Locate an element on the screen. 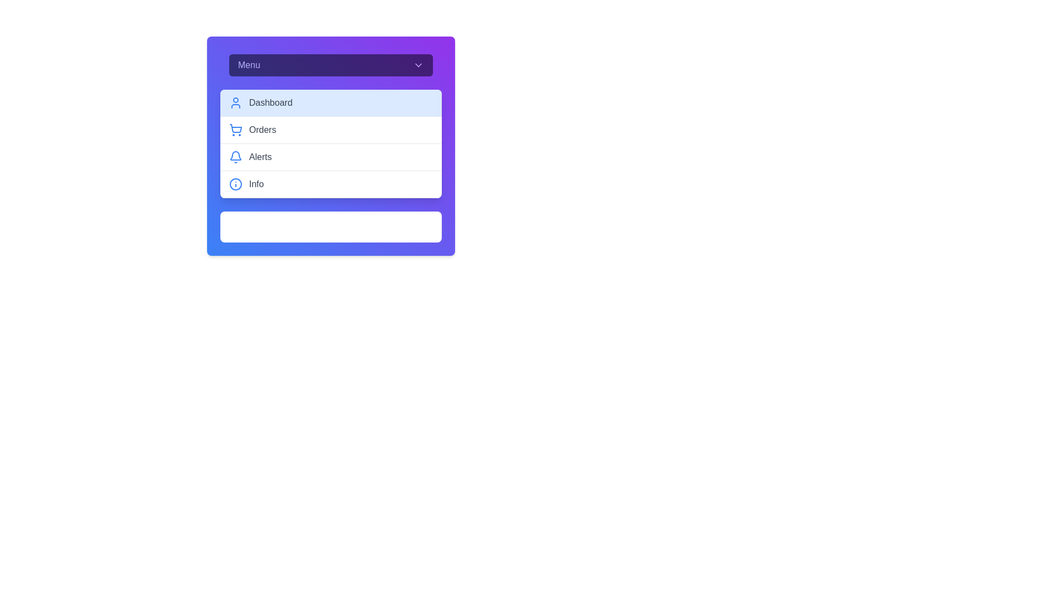 Image resolution: width=1063 pixels, height=598 pixels. the 'Info' menu item, which is the fourth item in the menu list below the 'Alerts' menu option is located at coordinates (331, 184).